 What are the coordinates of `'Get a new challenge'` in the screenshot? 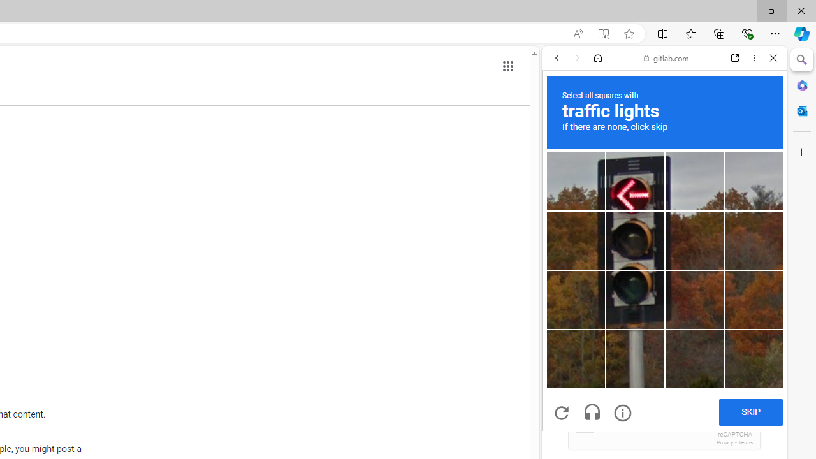 It's located at (561, 413).